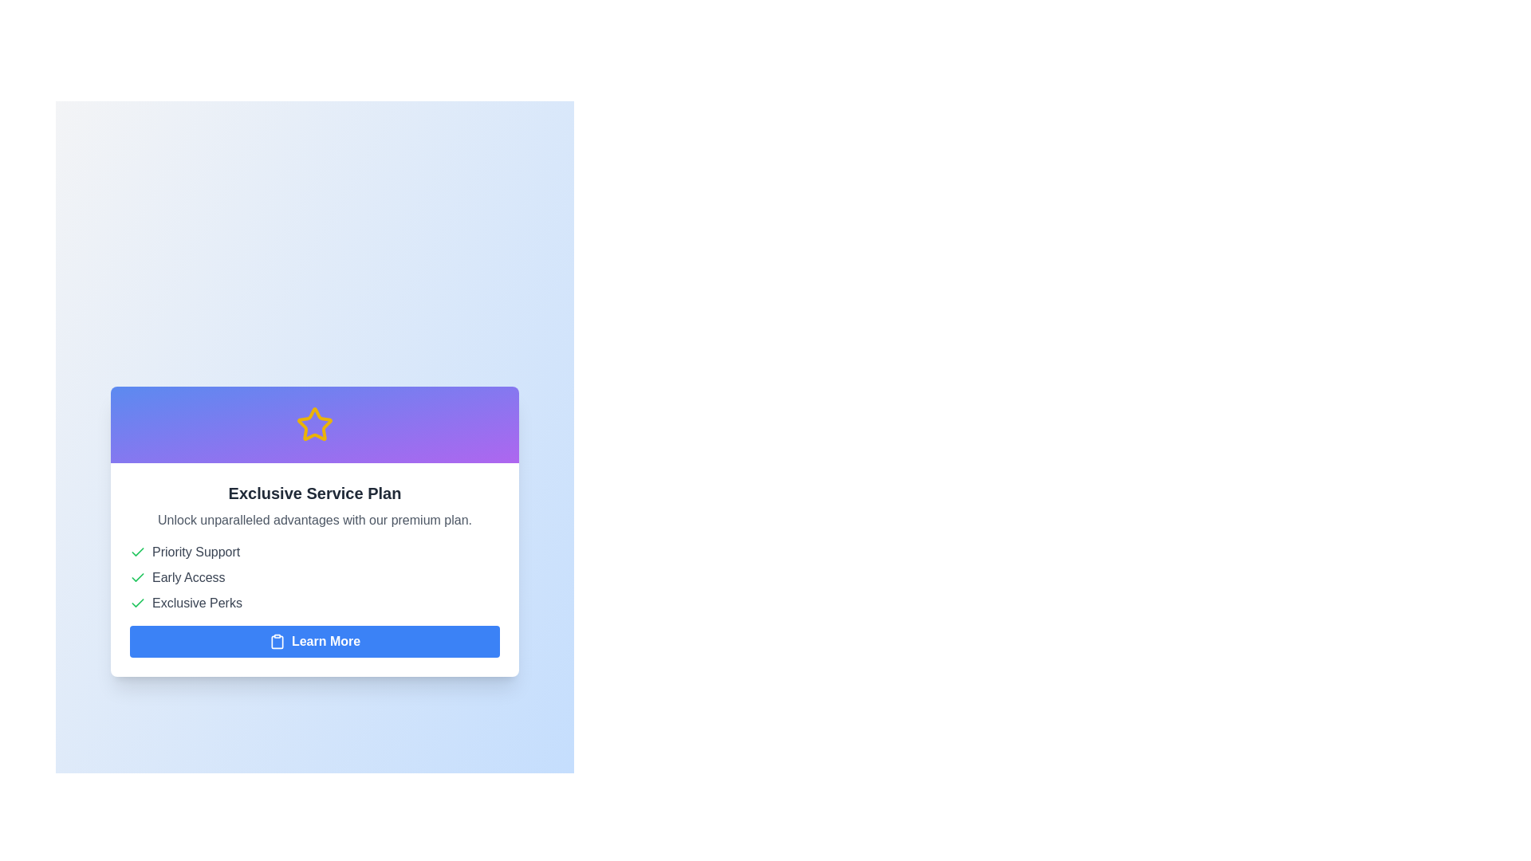 Image resolution: width=1531 pixels, height=861 pixels. I want to click on the call-to-action button at the bottom of the 'Exclusive Service Plan' card, so click(314, 641).